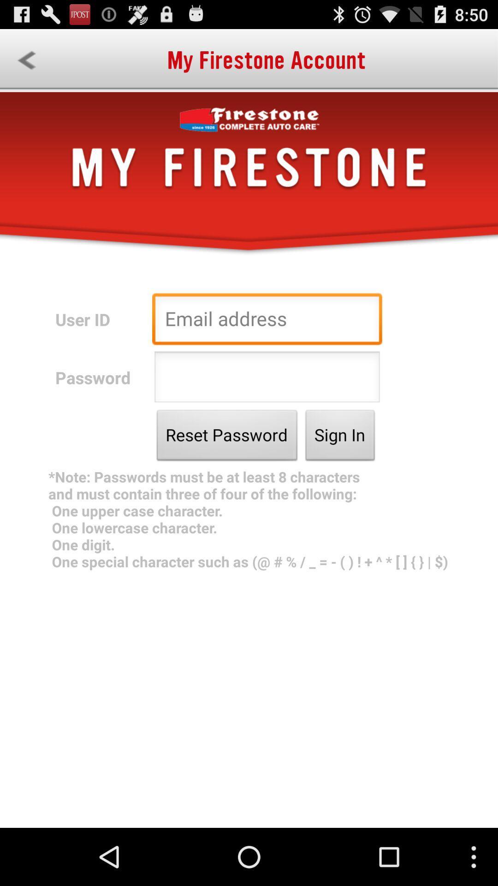 The image size is (498, 886). Describe the element at coordinates (227, 437) in the screenshot. I see `the item next to the sign in button` at that location.